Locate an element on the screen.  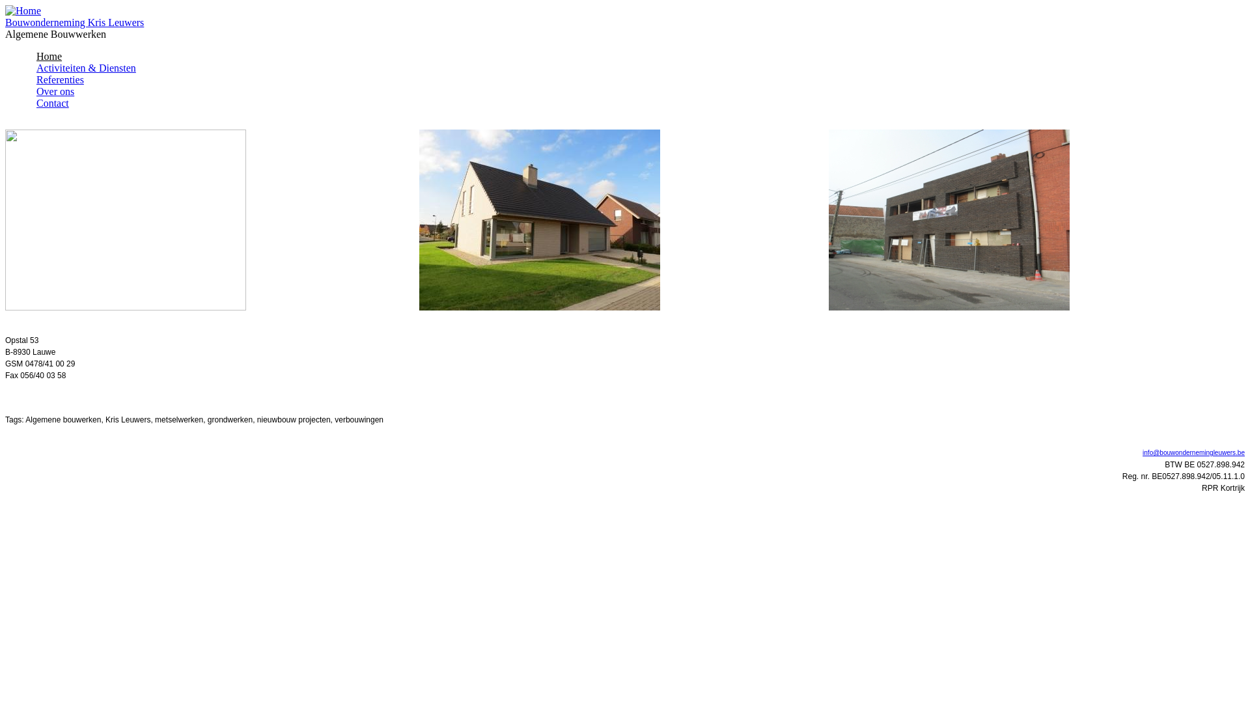
'Overslaan en naar de inhoud gaan' is located at coordinates (75, 5).